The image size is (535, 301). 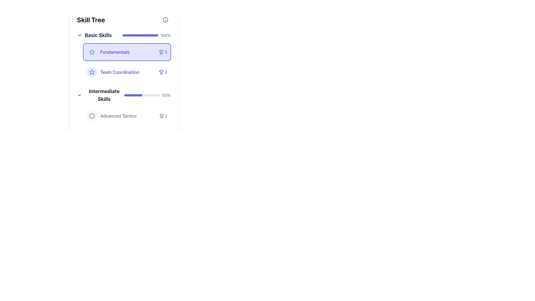 What do you see at coordinates (92, 116) in the screenshot?
I see `the Circular Button or Icon located in the 'Intermediate Skills' section next to 'Advanced Tactics'` at bounding box center [92, 116].